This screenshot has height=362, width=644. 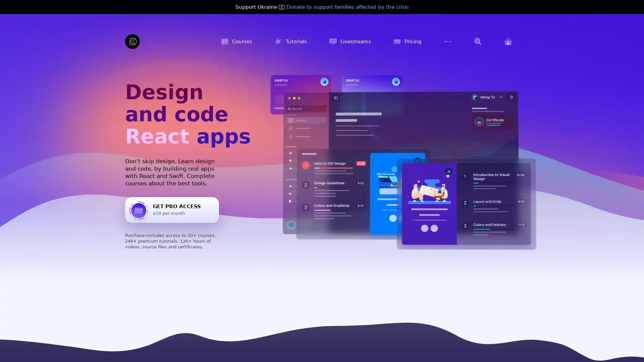 I want to click on undefined icon, so click(x=508, y=41).